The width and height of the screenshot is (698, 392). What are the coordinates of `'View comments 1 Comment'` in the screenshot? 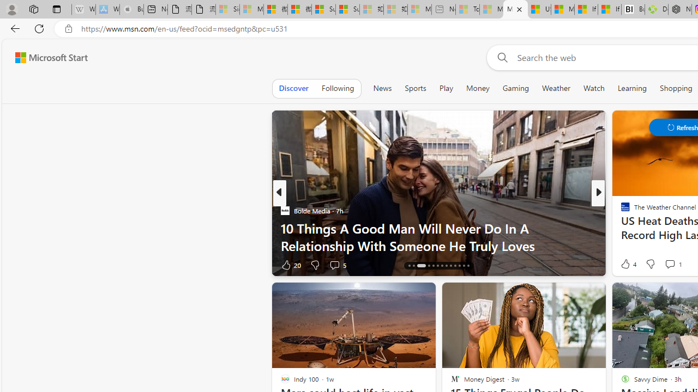 It's located at (669, 264).